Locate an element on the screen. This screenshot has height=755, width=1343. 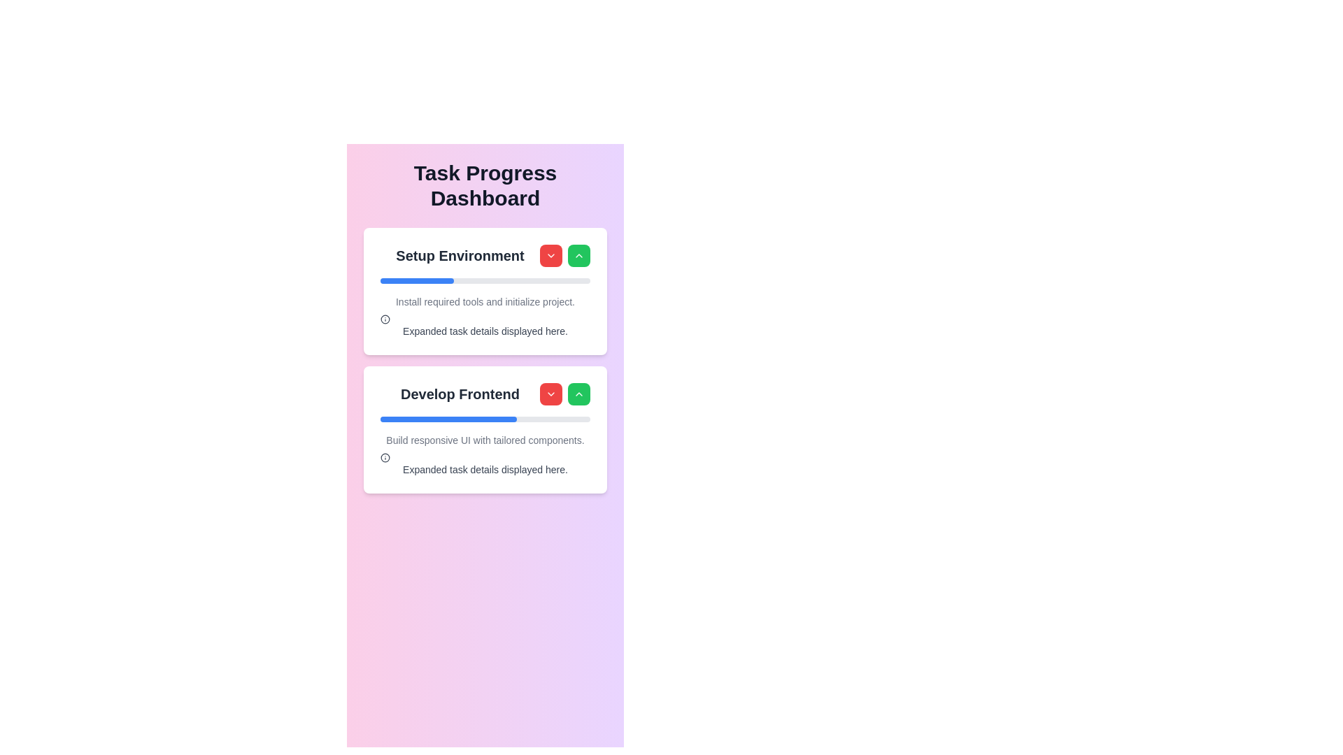
text label that reads 'Install required tools and initialize project.' located under the heading 'Setup Environment' is located at coordinates (485, 301).